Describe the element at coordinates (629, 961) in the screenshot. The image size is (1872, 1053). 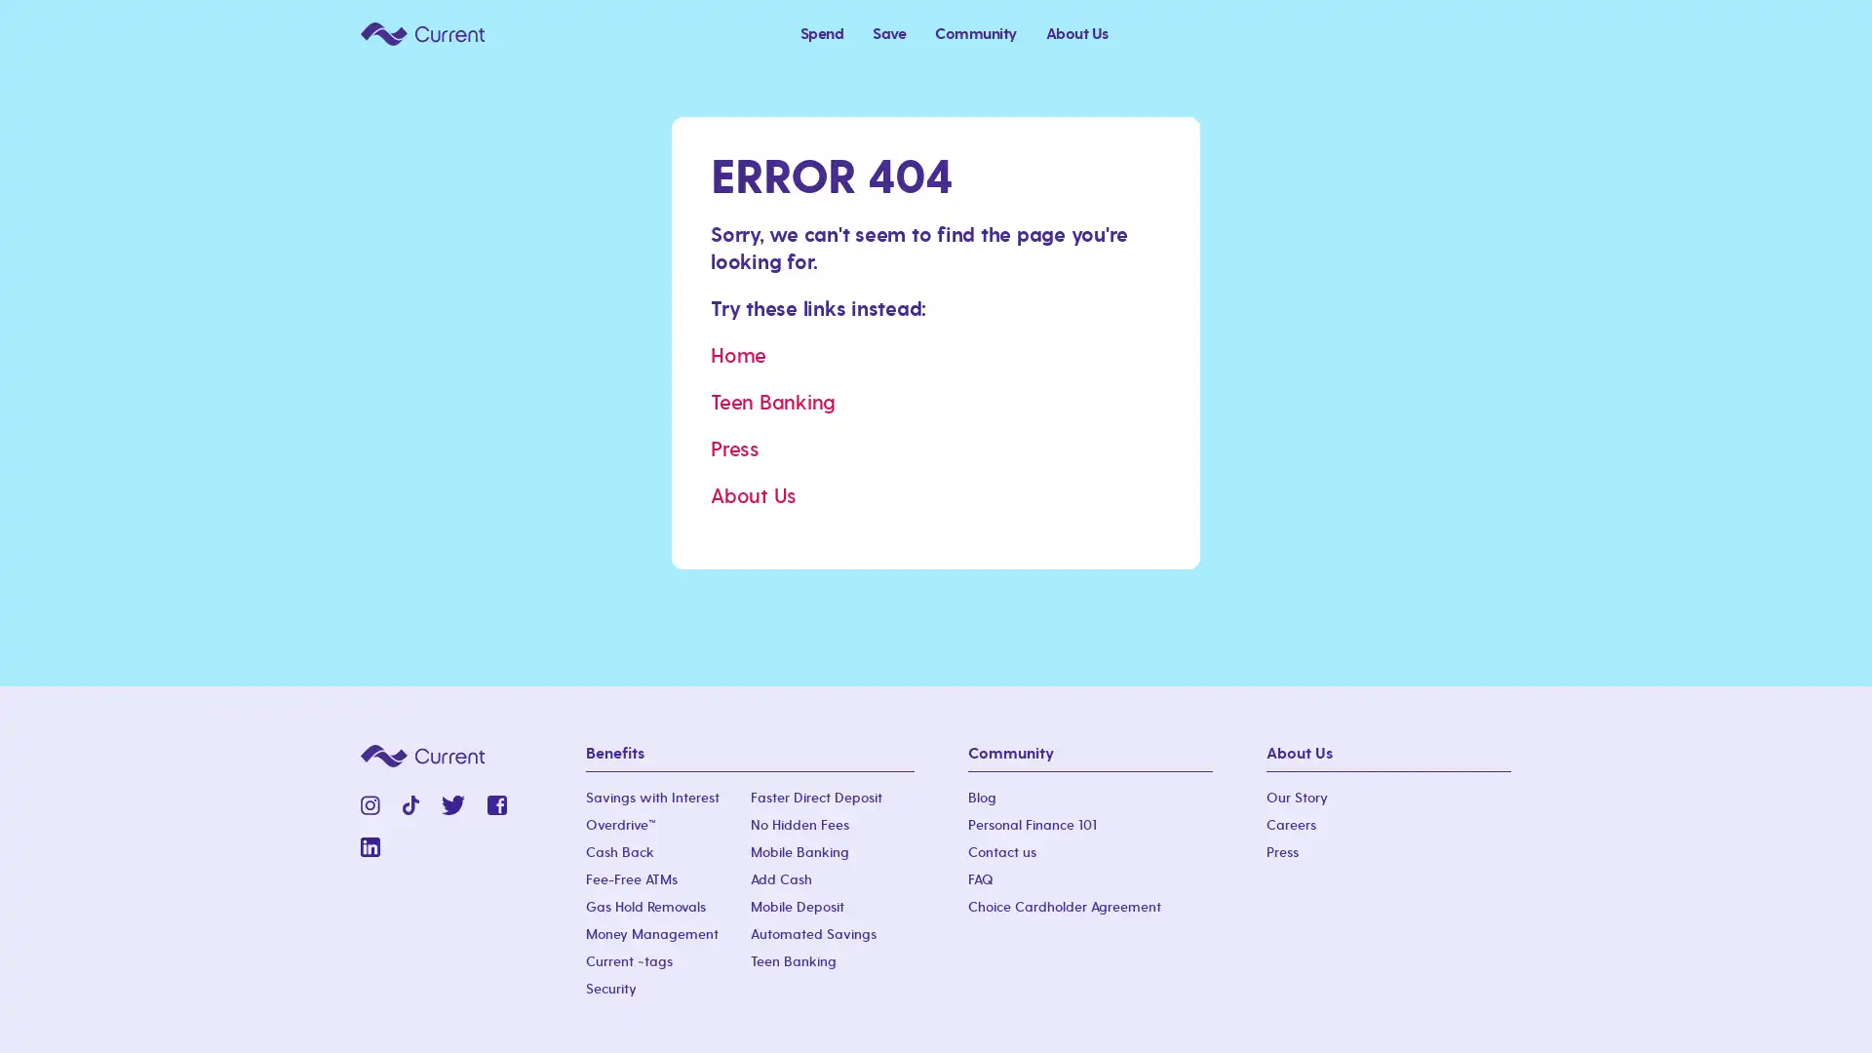
I see `Current ~tags` at that location.